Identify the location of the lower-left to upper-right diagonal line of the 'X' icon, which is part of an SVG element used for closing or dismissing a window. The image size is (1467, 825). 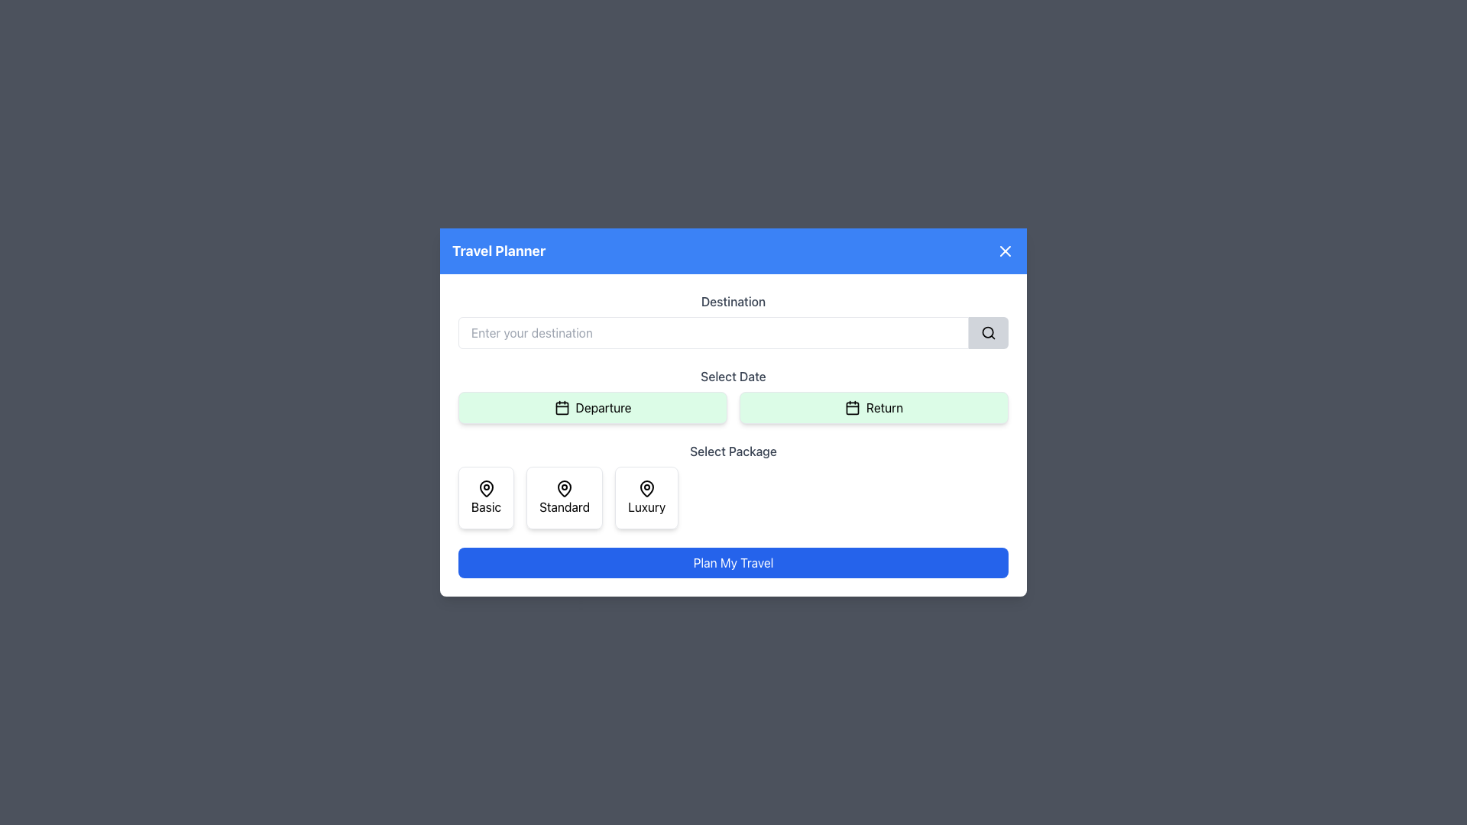
(1005, 250).